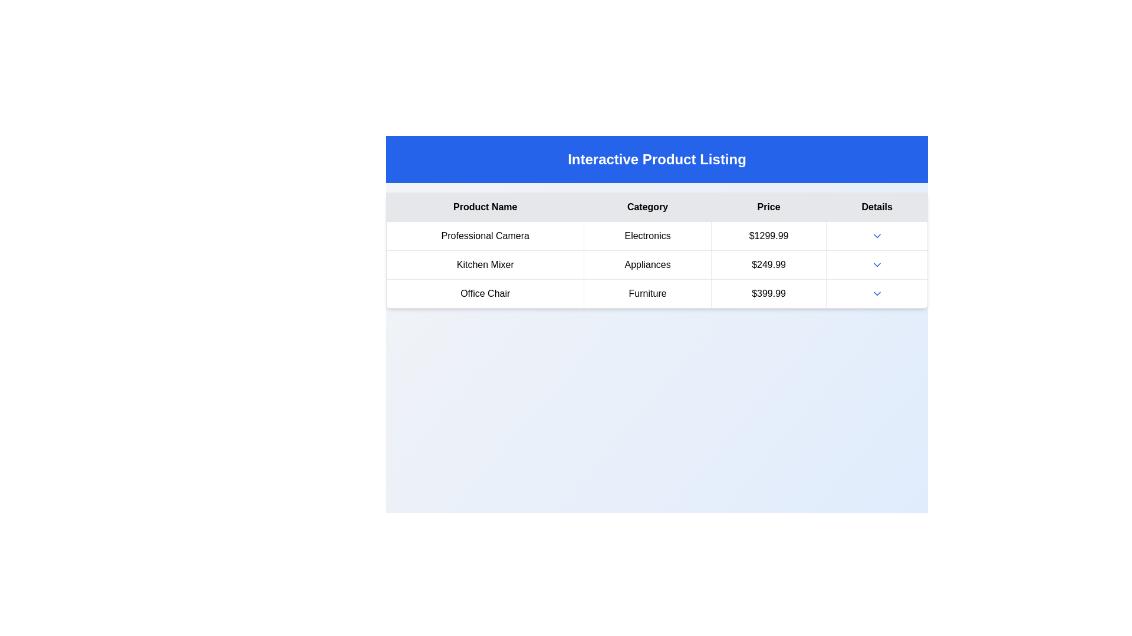 The height and width of the screenshot is (636, 1132). What do you see at coordinates (877, 265) in the screenshot?
I see `the icon in the second row of the 'Details' column` at bounding box center [877, 265].